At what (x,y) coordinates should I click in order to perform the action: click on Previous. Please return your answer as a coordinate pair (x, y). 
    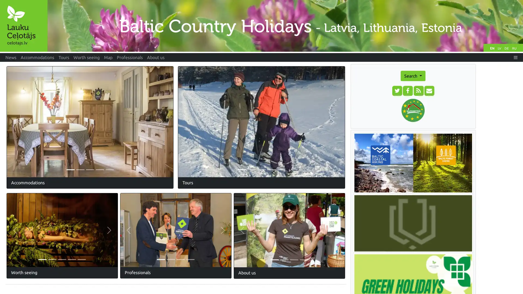
    Looking at the image, I should click on (242, 230).